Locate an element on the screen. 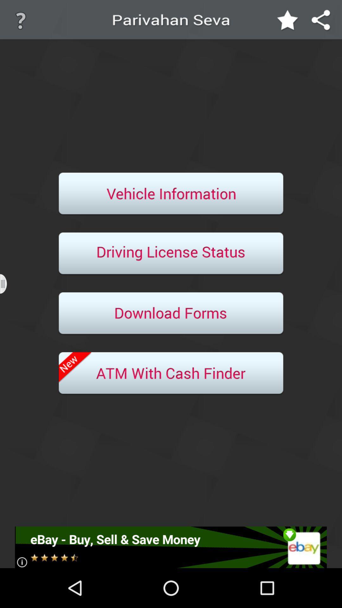  link to ebay is located at coordinates (170, 547).